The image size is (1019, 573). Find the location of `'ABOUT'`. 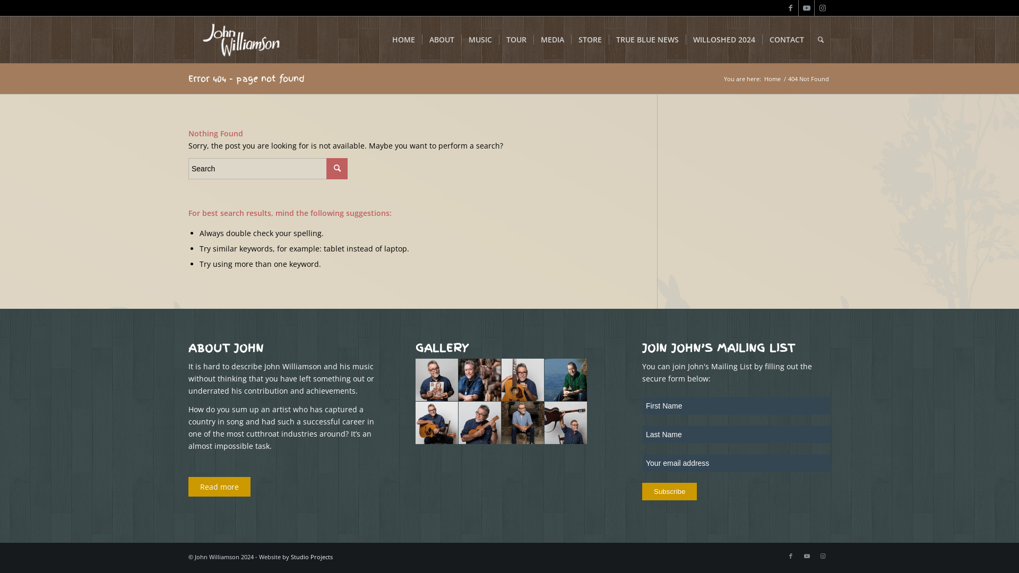

'ABOUT' is located at coordinates (441, 39).